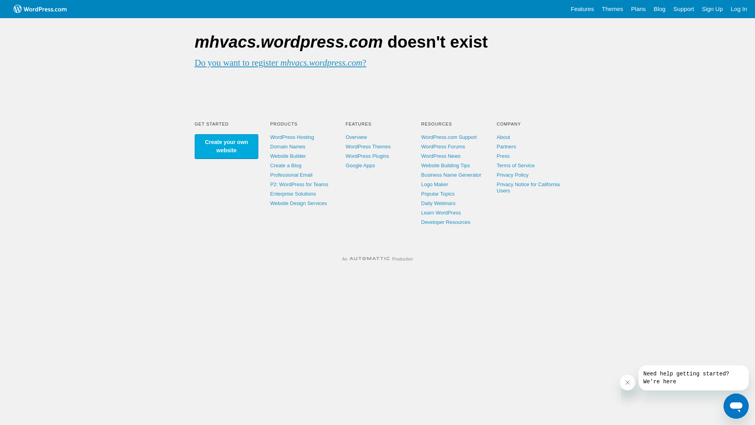  What do you see at coordinates (693, 377) in the screenshot?
I see `'Message from company'` at bounding box center [693, 377].